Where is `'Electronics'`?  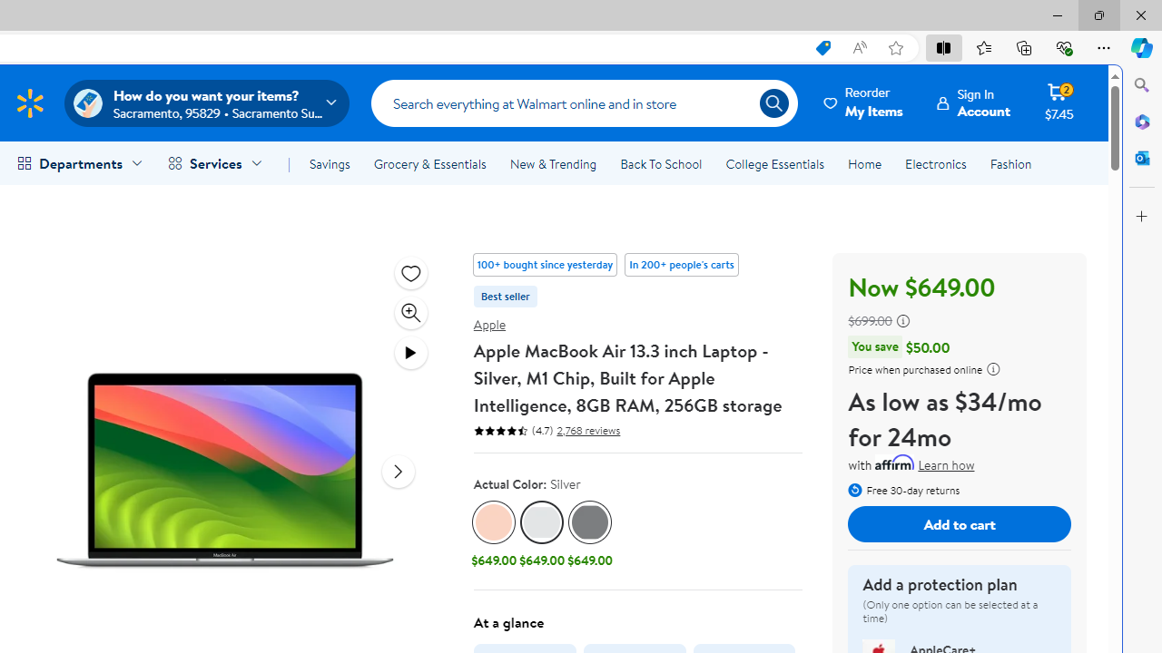
'Electronics' is located at coordinates (936, 164).